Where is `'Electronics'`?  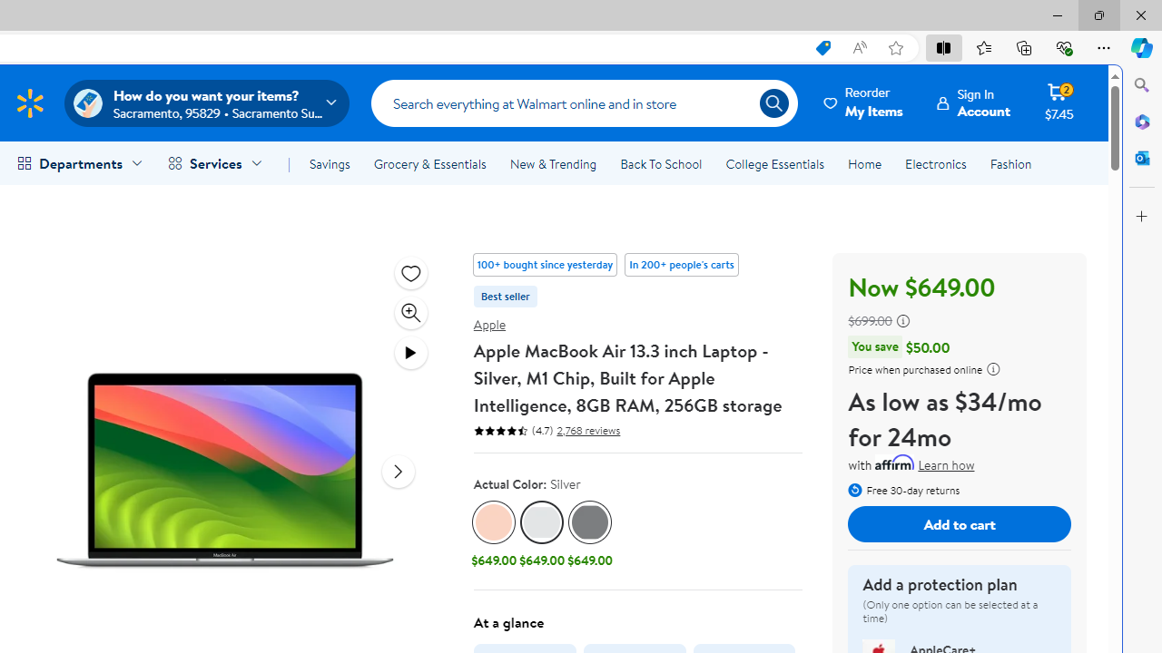
'Electronics' is located at coordinates (936, 164).